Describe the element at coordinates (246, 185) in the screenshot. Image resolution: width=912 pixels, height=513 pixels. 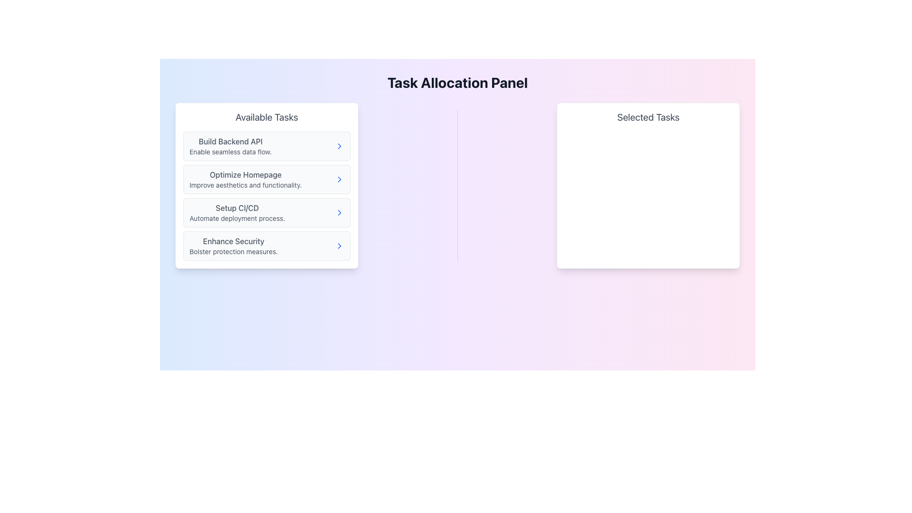
I see `text displayed in the Text Display element that shows 'Improve aesthetics and functionality.' located beneath 'Optimize Homepage' in the 'Available Tasks' panel` at that location.